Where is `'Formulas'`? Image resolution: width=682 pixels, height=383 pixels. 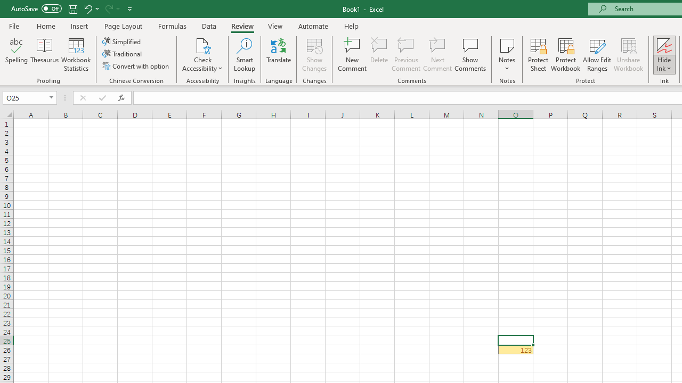
'Formulas' is located at coordinates (172, 26).